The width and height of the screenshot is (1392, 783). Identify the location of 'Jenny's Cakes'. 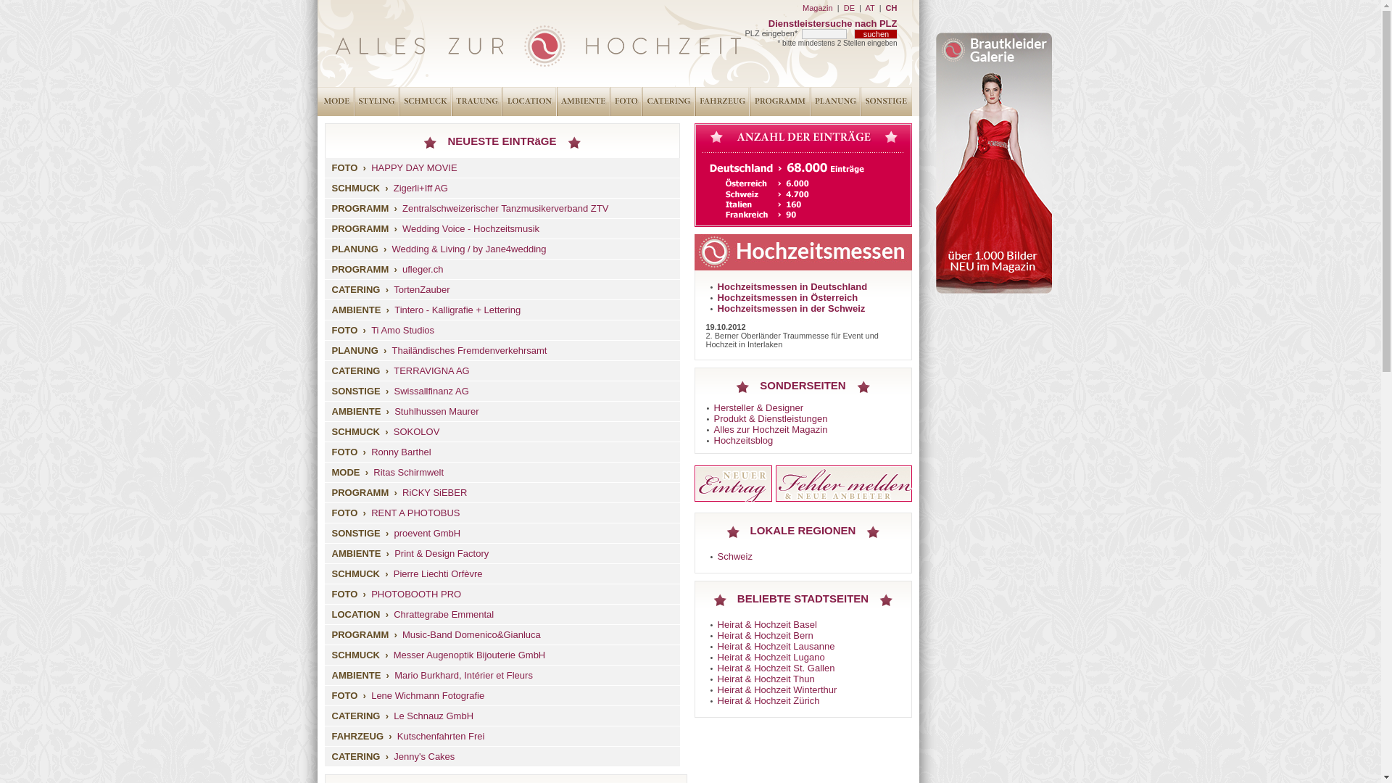
(423, 755).